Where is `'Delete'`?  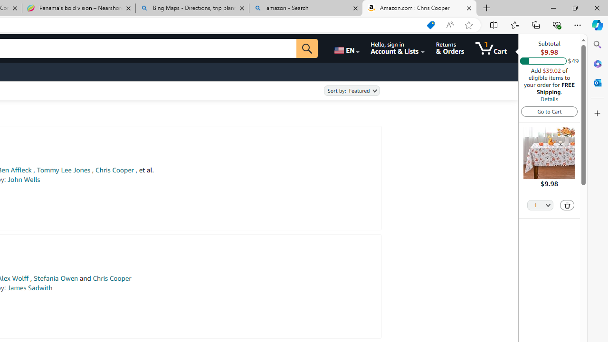
'Delete' is located at coordinates (567, 204).